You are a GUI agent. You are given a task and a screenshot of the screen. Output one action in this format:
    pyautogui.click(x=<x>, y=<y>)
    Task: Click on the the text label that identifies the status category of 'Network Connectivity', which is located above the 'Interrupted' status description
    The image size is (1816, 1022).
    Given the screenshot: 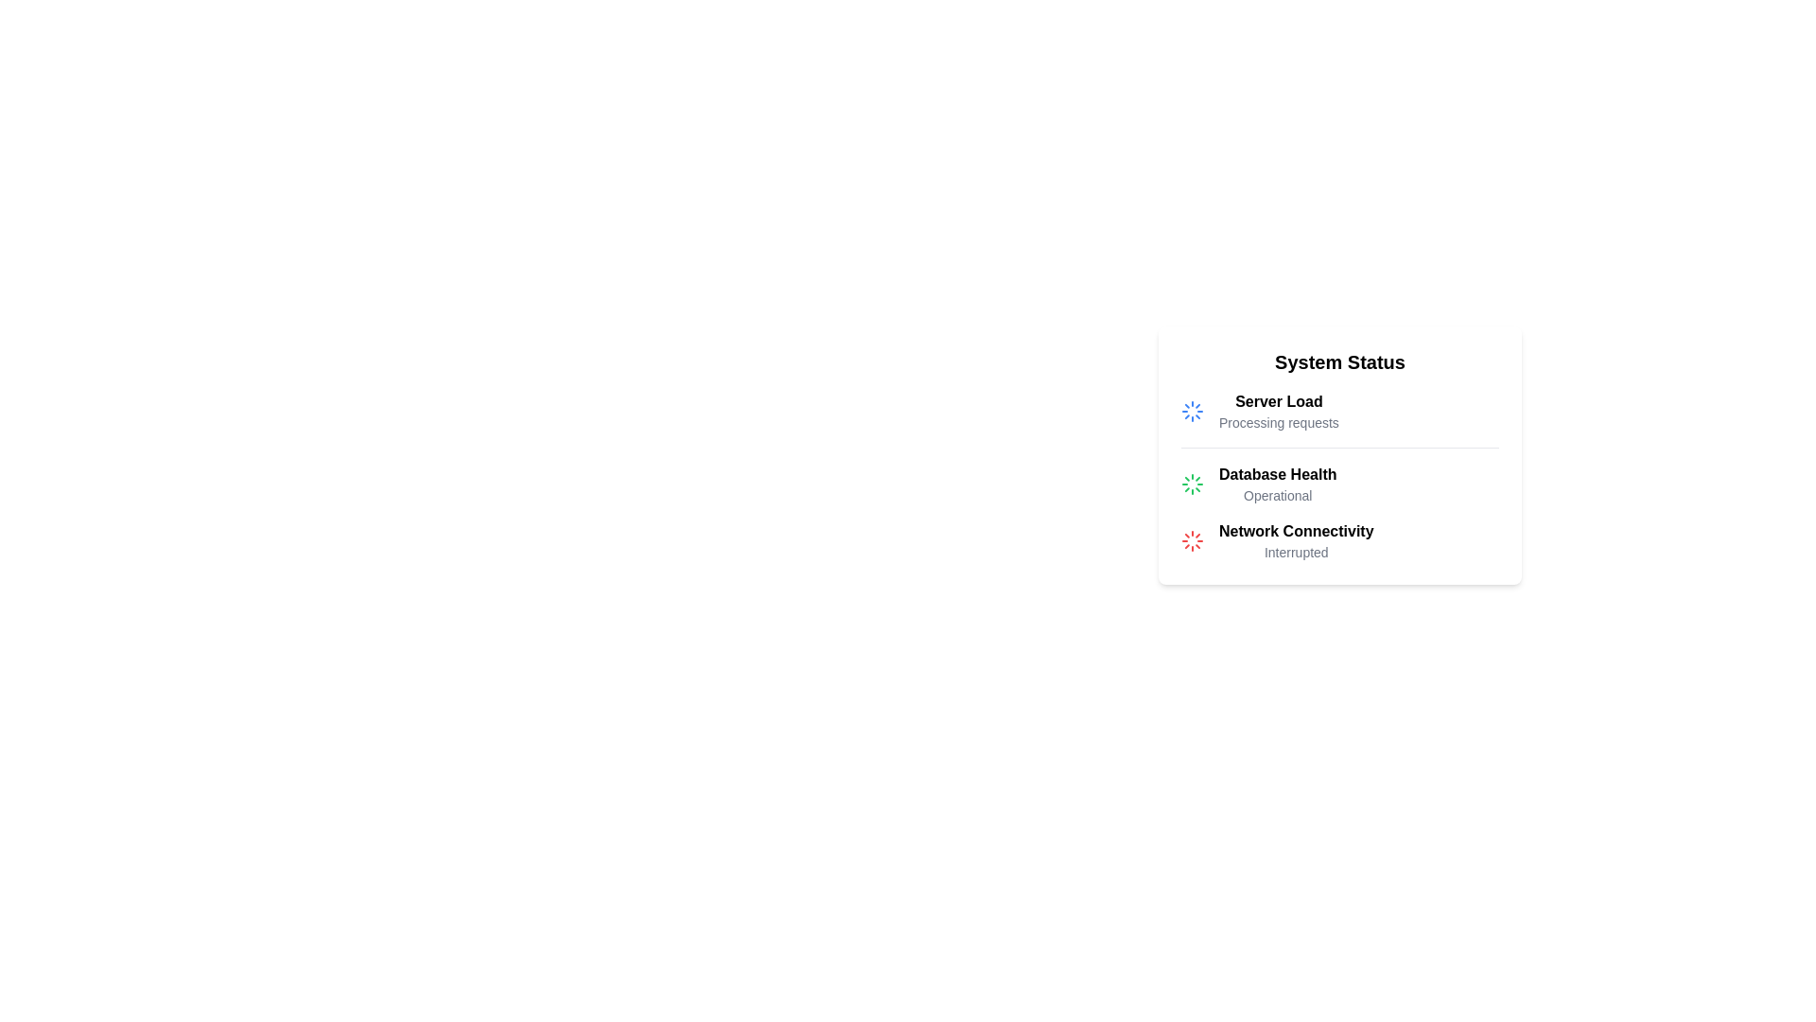 What is the action you would take?
    pyautogui.click(x=1295, y=532)
    